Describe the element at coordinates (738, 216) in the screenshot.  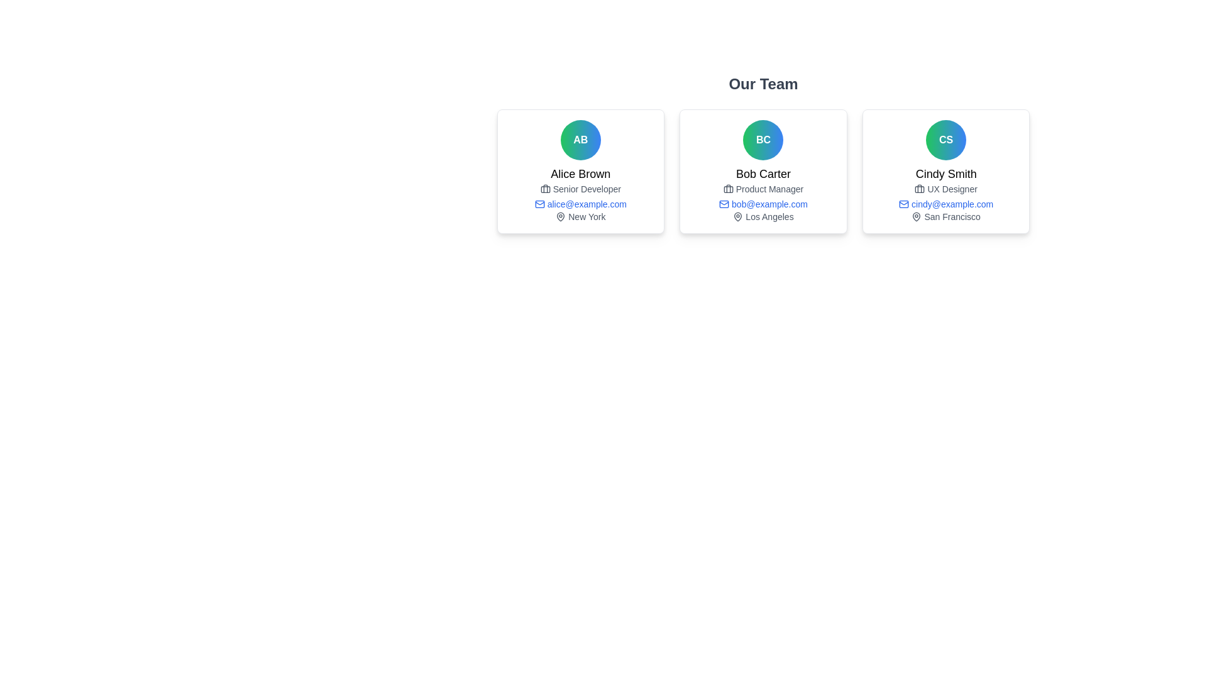
I see `the pin icon located in the second card under the name 'Bob Carter', which is centered above the text 'Los Angeles'` at that location.